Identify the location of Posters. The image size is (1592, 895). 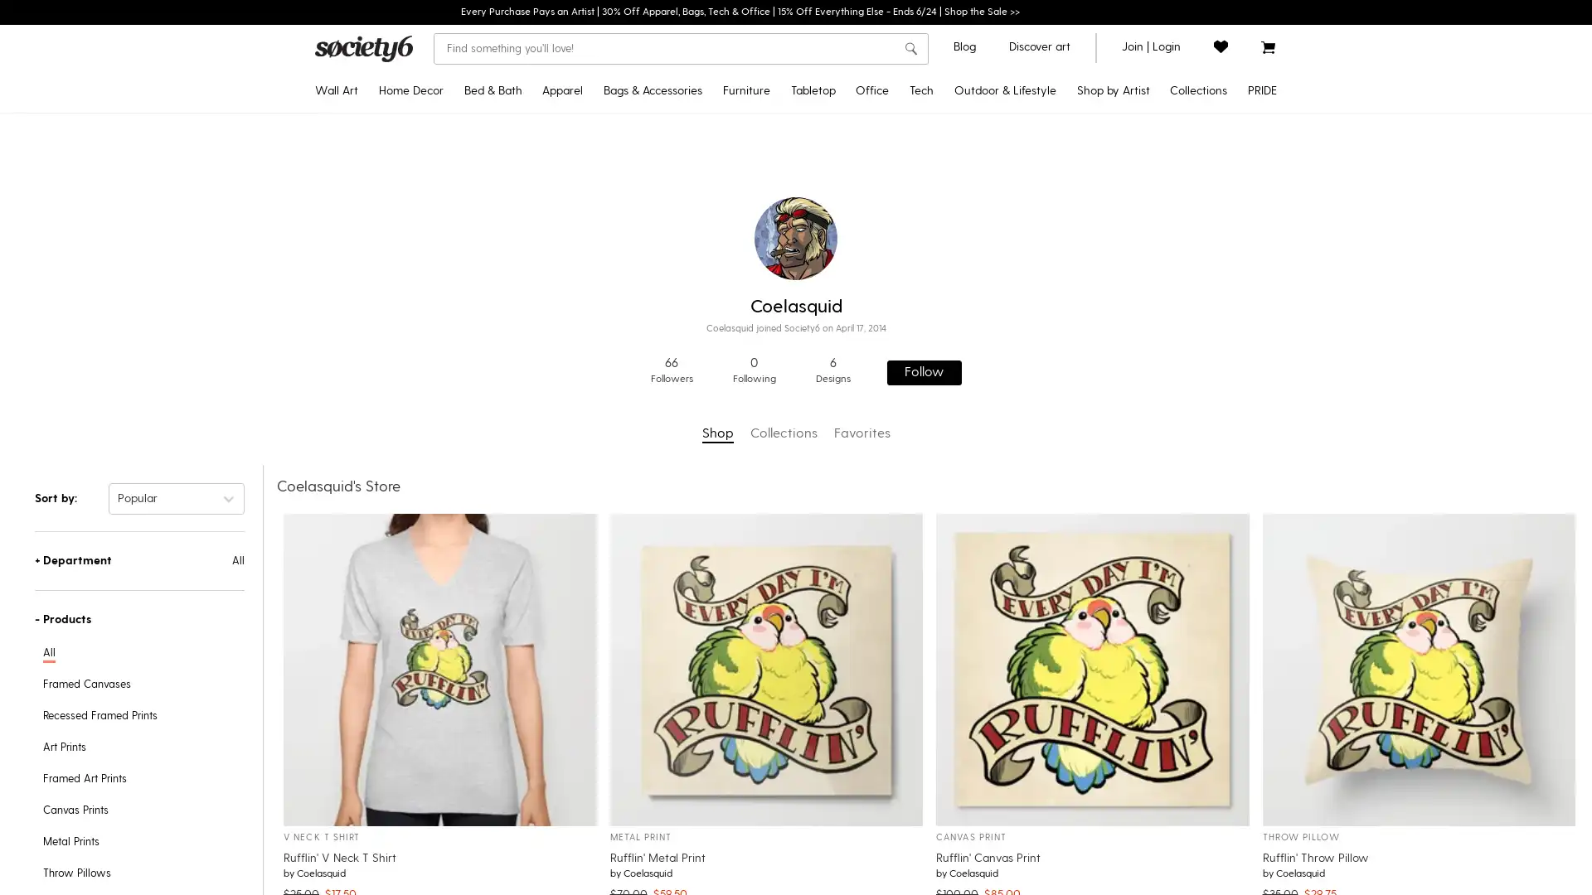
(390, 293).